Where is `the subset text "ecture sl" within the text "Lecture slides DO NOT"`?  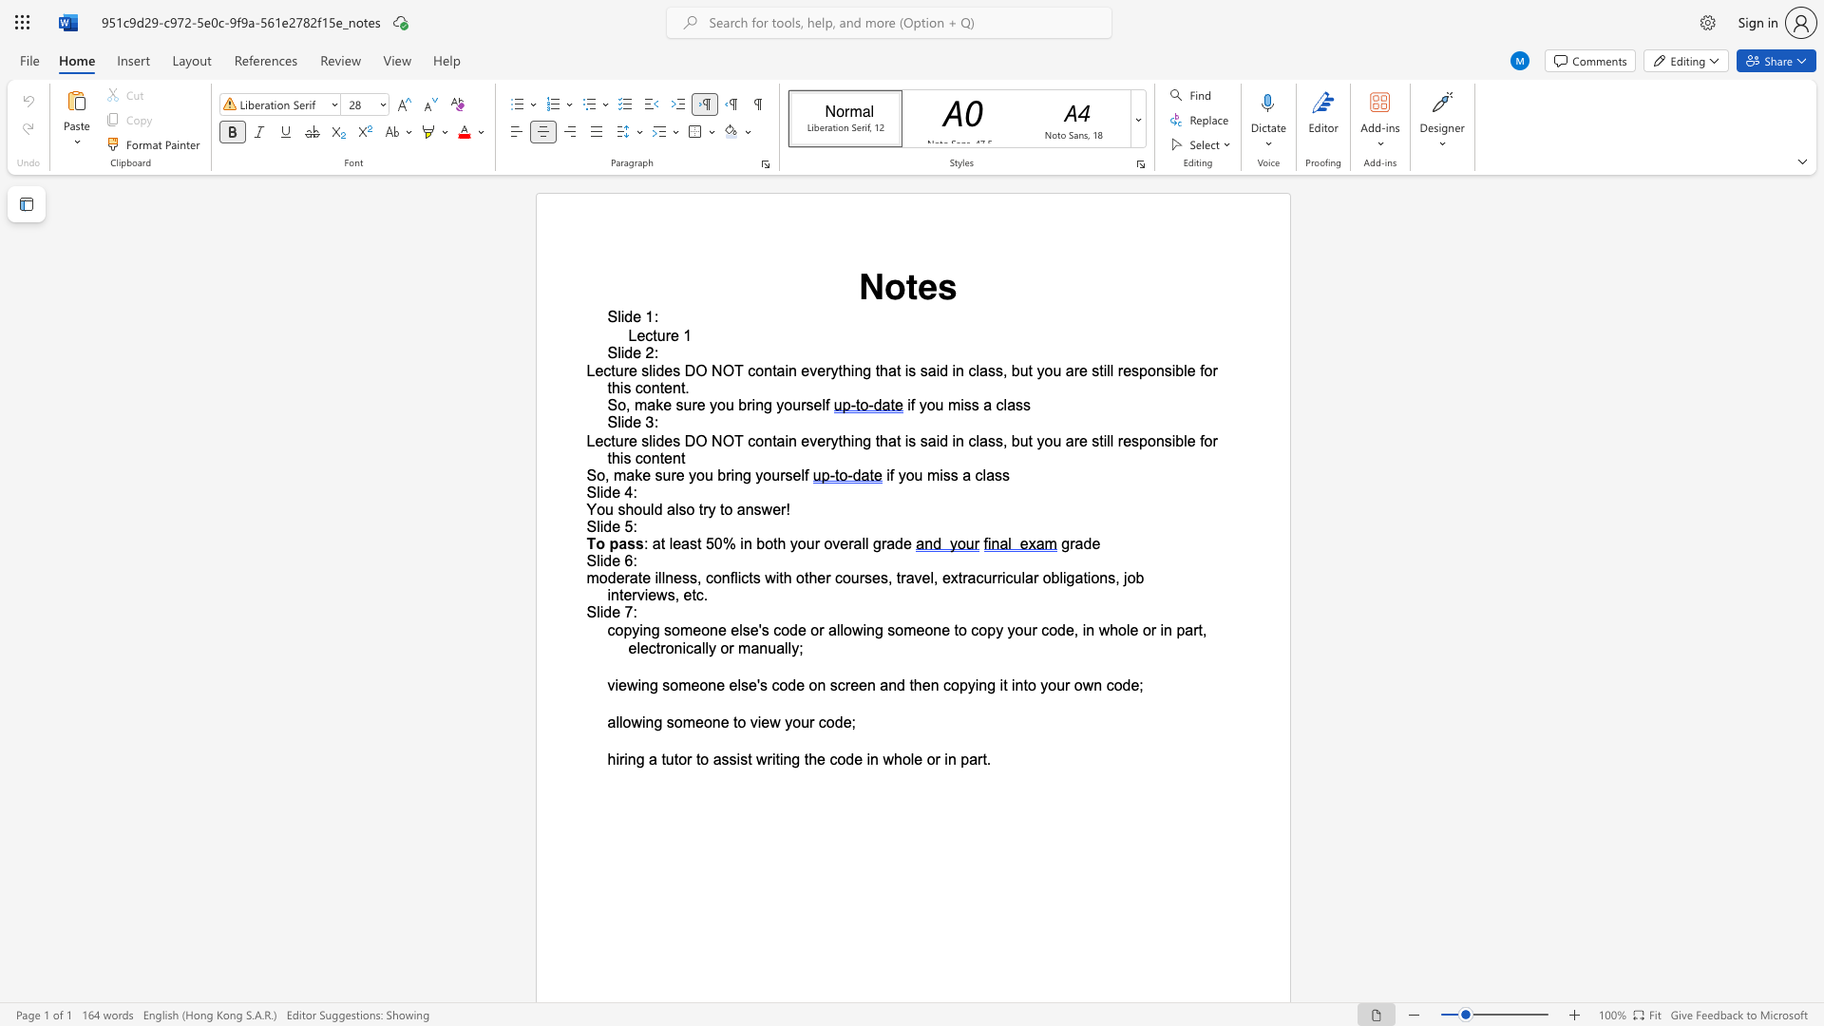
the subset text "ecture sl" within the text "Lecture slides DO NOT" is located at coordinates (594, 441).